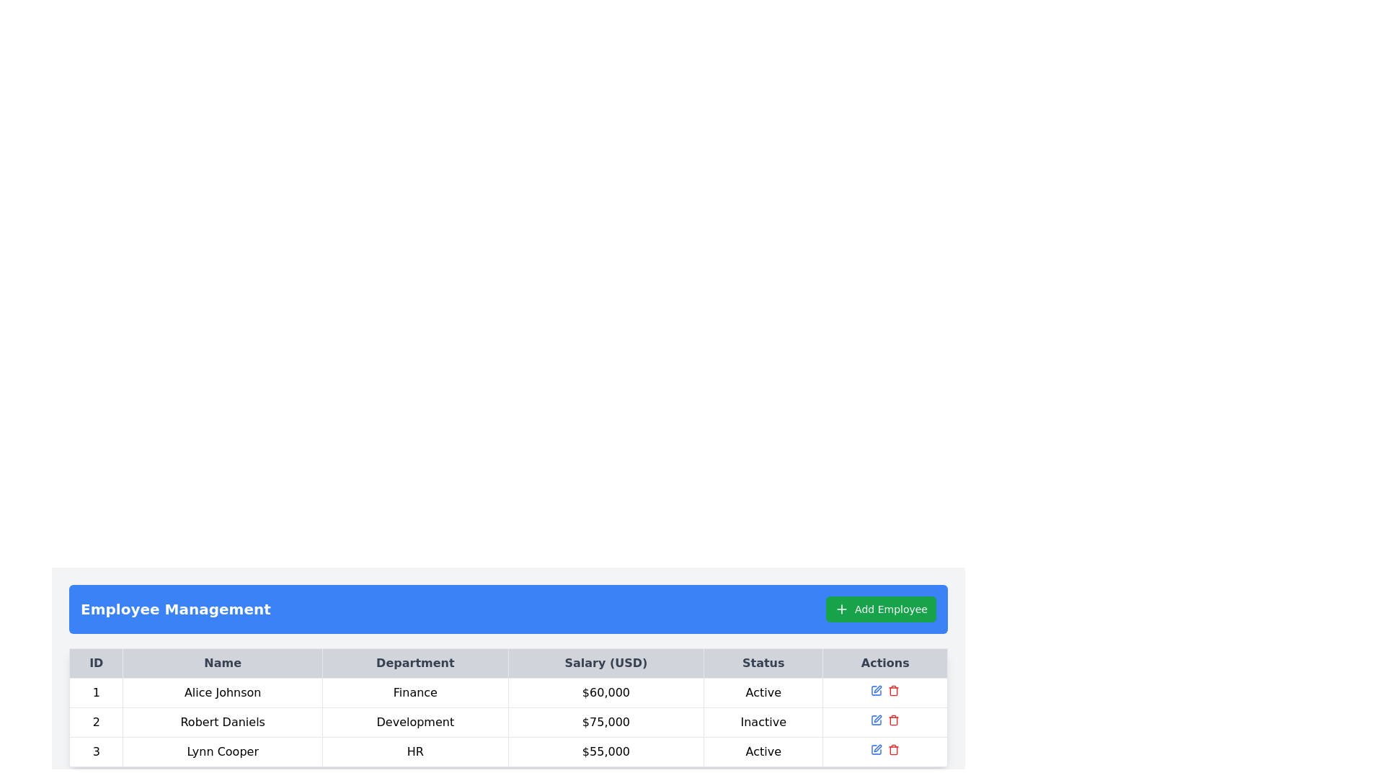  Describe the element at coordinates (877, 688) in the screenshot. I see `the edit button located in the 'Actions' column of the third row for the employee named 'Lynn Cooper'` at that location.